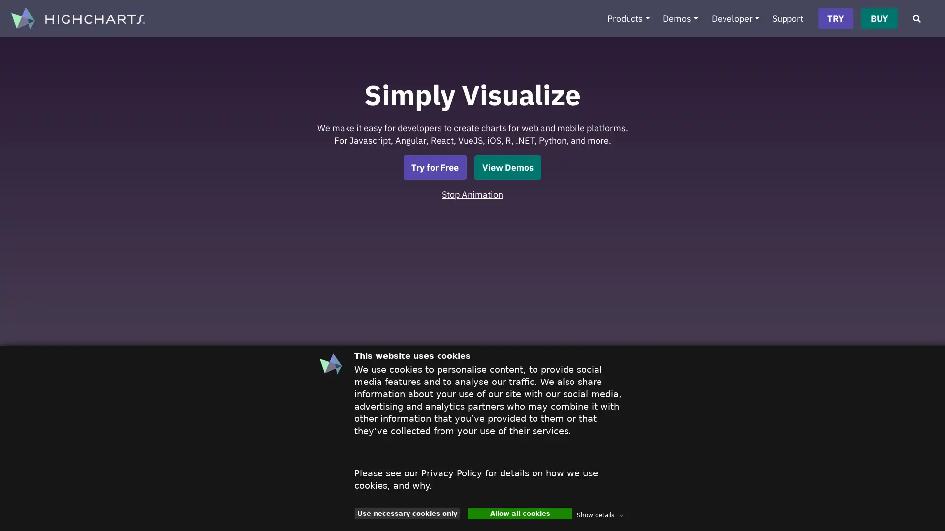  Describe the element at coordinates (628, 19) in the screenshot. I see `Products` at that location.